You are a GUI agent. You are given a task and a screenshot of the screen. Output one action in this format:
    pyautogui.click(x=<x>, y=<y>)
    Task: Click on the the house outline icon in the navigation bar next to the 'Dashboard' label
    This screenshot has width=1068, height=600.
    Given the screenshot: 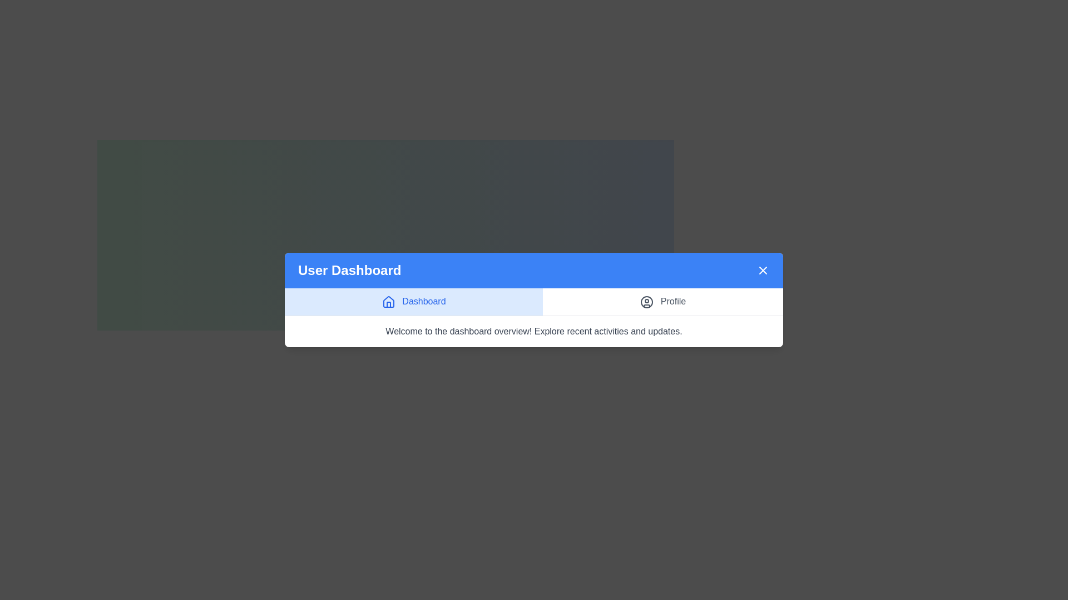 What is the action you would take?
    pyautogui.click(x=388, y=302)
    